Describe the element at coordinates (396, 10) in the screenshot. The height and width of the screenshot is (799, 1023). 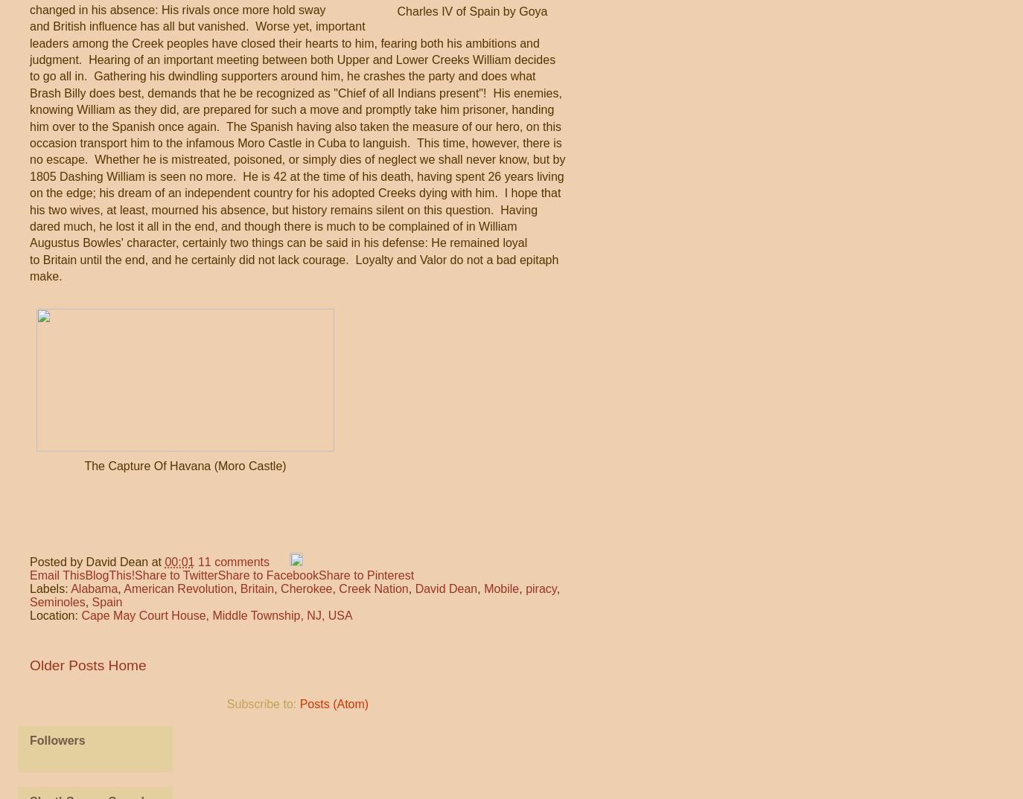
I see `'Charles IV of Spain by Goya'` at that location.